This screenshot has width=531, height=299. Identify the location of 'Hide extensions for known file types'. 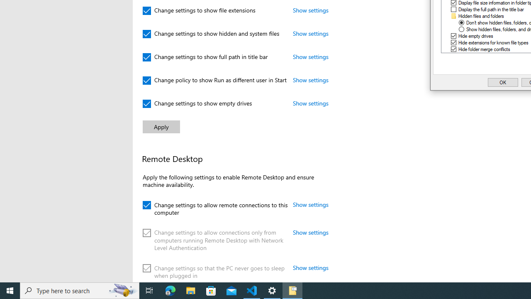
(493, 42).